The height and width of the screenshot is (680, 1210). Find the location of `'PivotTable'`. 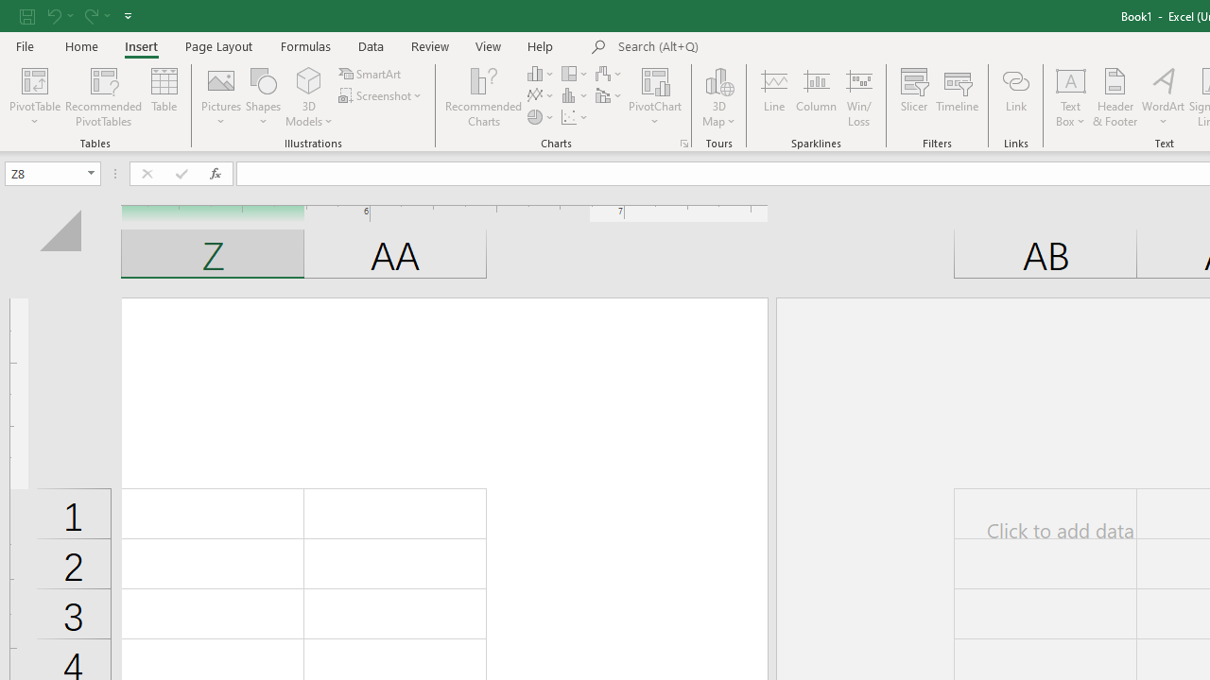

'PivotTable' is located at coordinates (35, 97).